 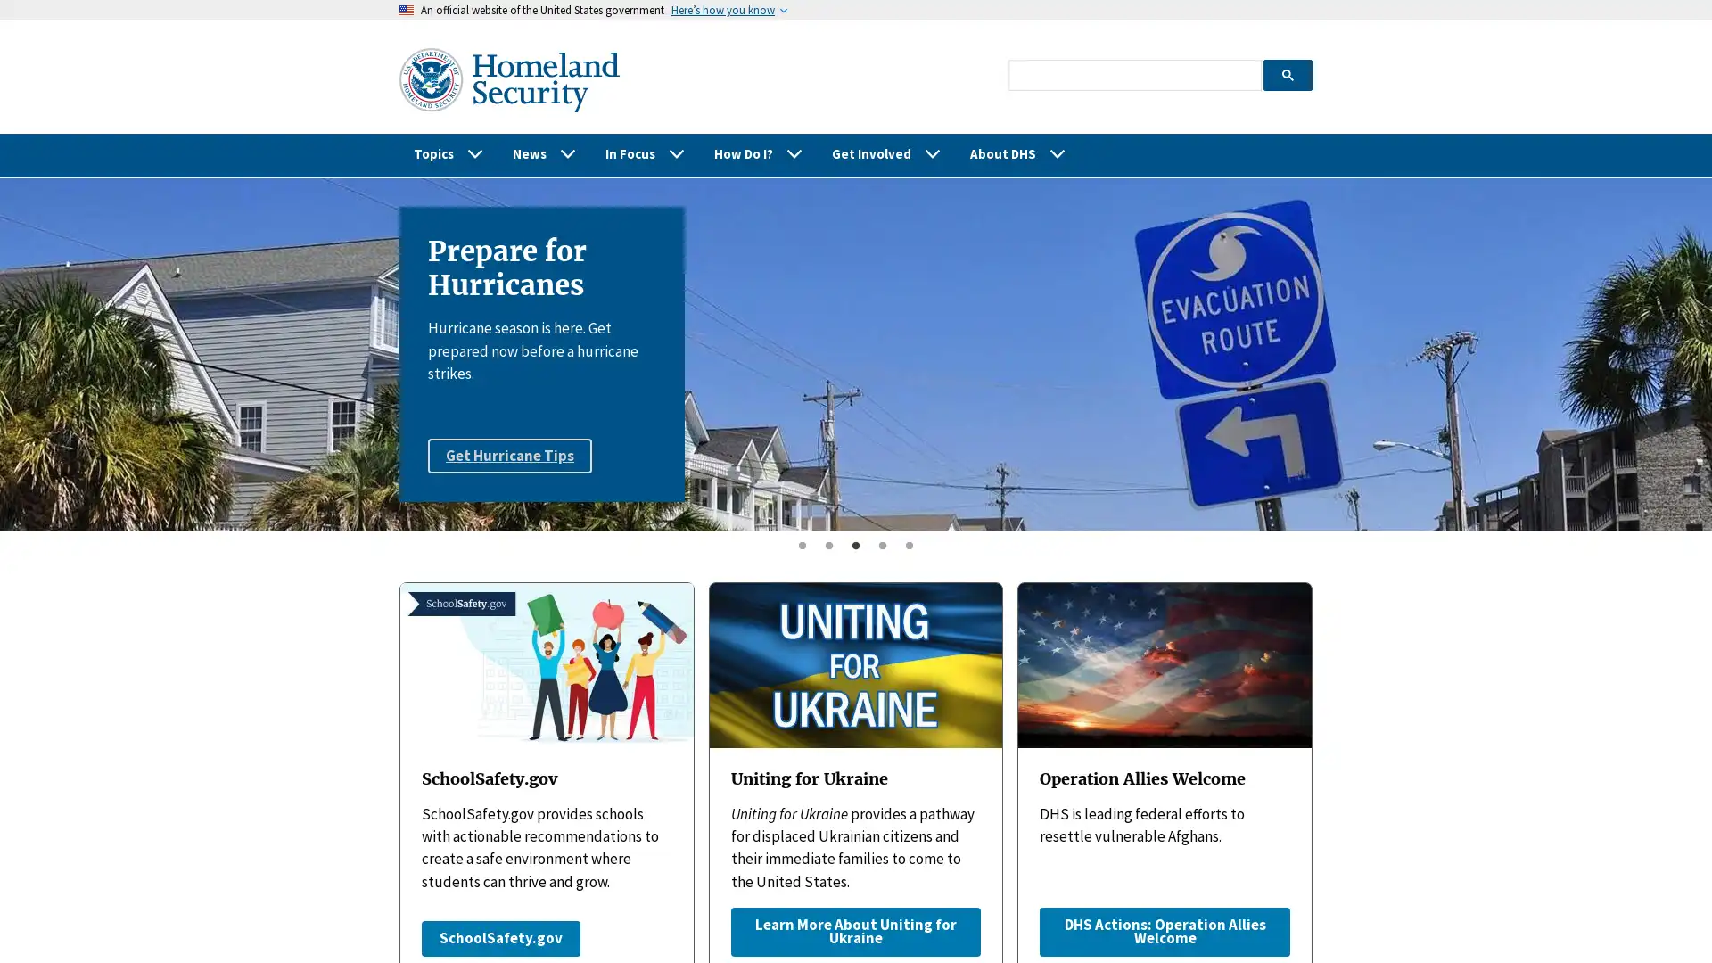 What do you see at coordinates (1018, 152) in the screenshot?
I see `About DHS` at bounding box center [1018, 152].